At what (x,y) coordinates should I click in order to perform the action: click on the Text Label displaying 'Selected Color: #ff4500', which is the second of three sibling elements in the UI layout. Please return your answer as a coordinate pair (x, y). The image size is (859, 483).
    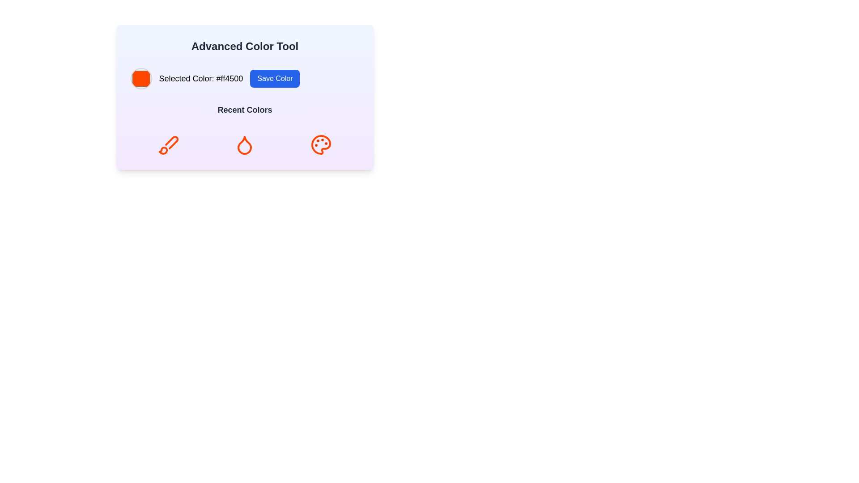
    Looking at the image, I should click on (200, 78).